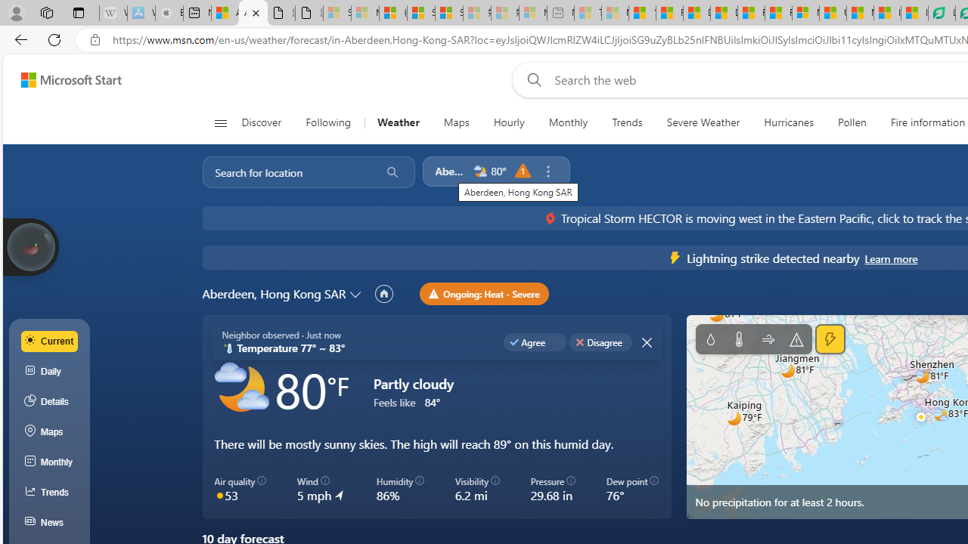 Image resolution: width=968 pixels, height=544 pixels. What do you see at coordinates (552, 490) in the screenshot?
I see `'Pressure 29.68 in'` at bounding box center [552, 490].